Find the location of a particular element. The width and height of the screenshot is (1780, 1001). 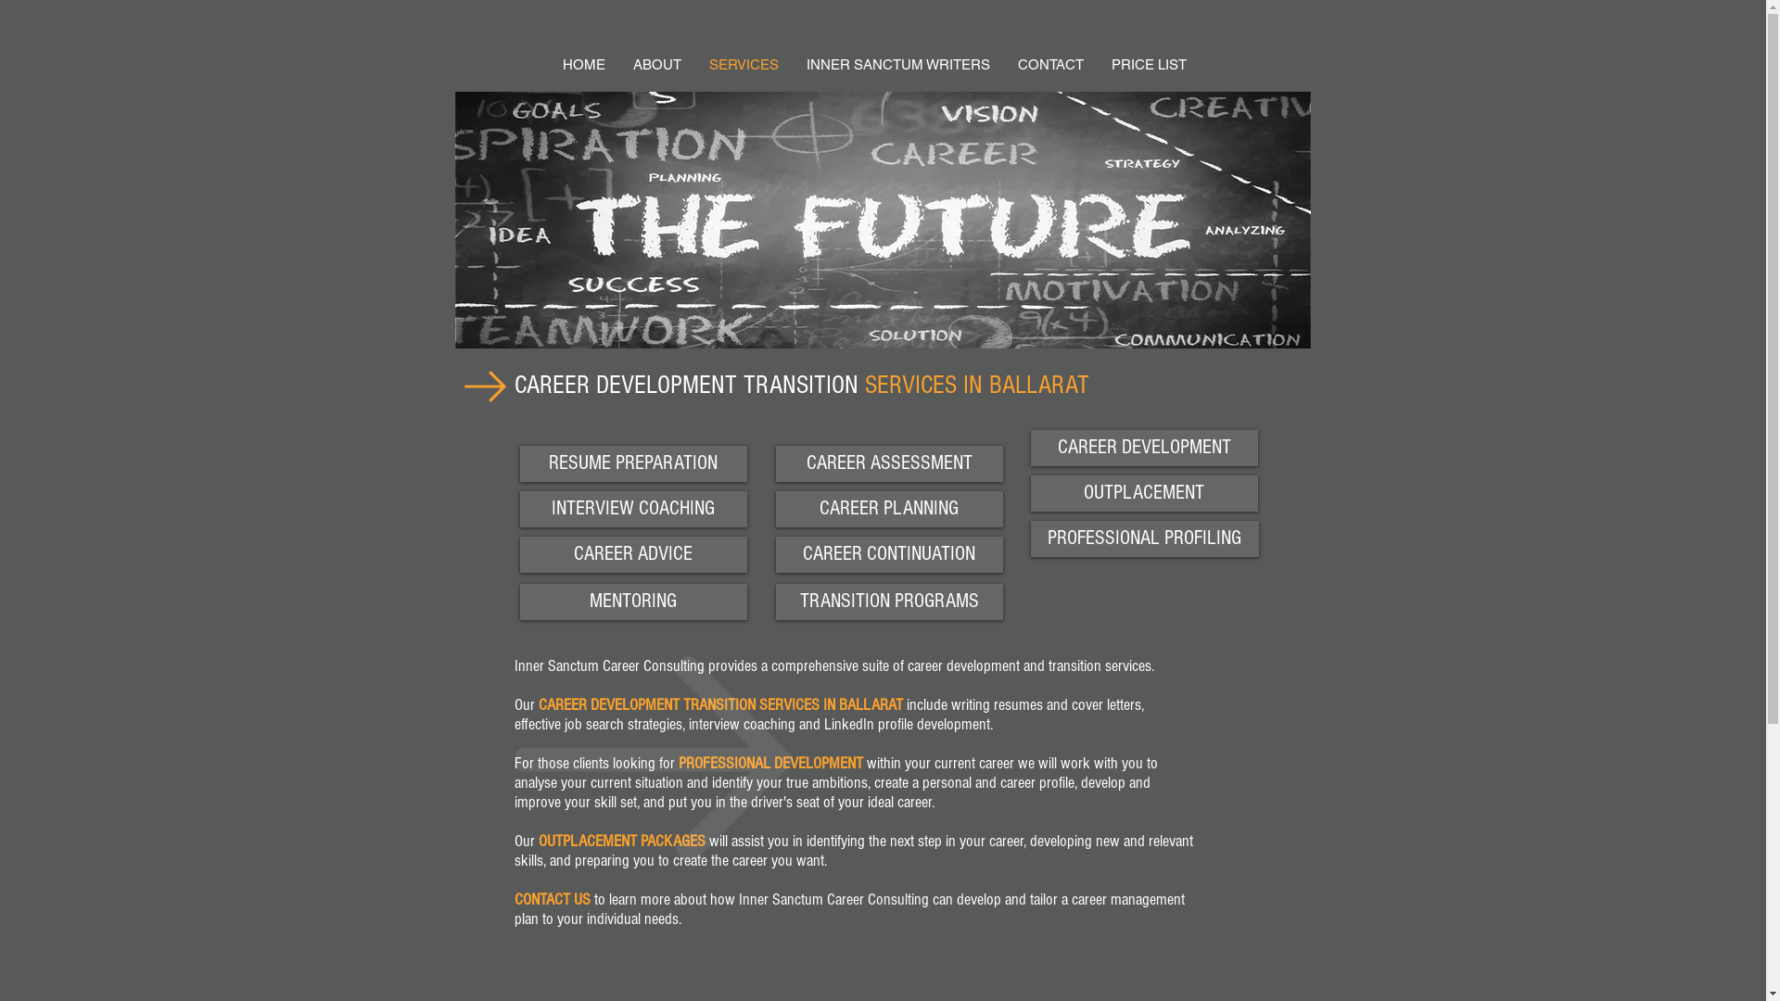

'INNER SANCTUM WRITERS' is located at coordinates (897, 63).